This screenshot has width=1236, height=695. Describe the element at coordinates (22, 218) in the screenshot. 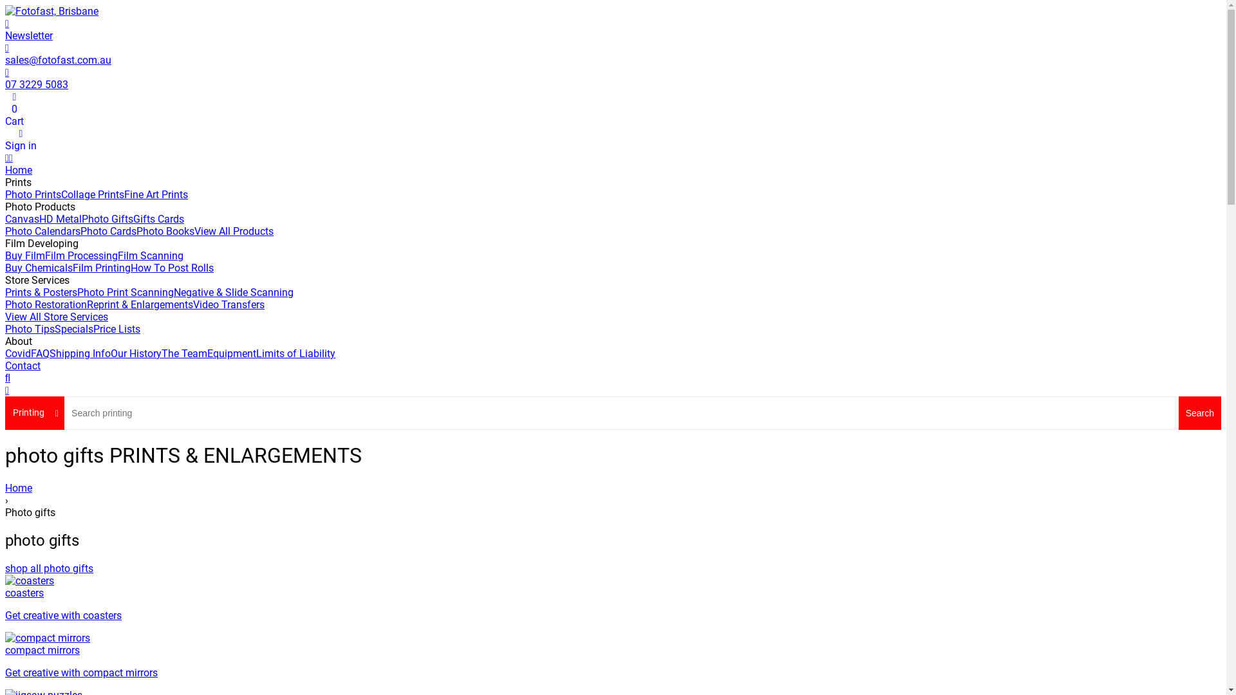

I see `'Canvas'` at that location.